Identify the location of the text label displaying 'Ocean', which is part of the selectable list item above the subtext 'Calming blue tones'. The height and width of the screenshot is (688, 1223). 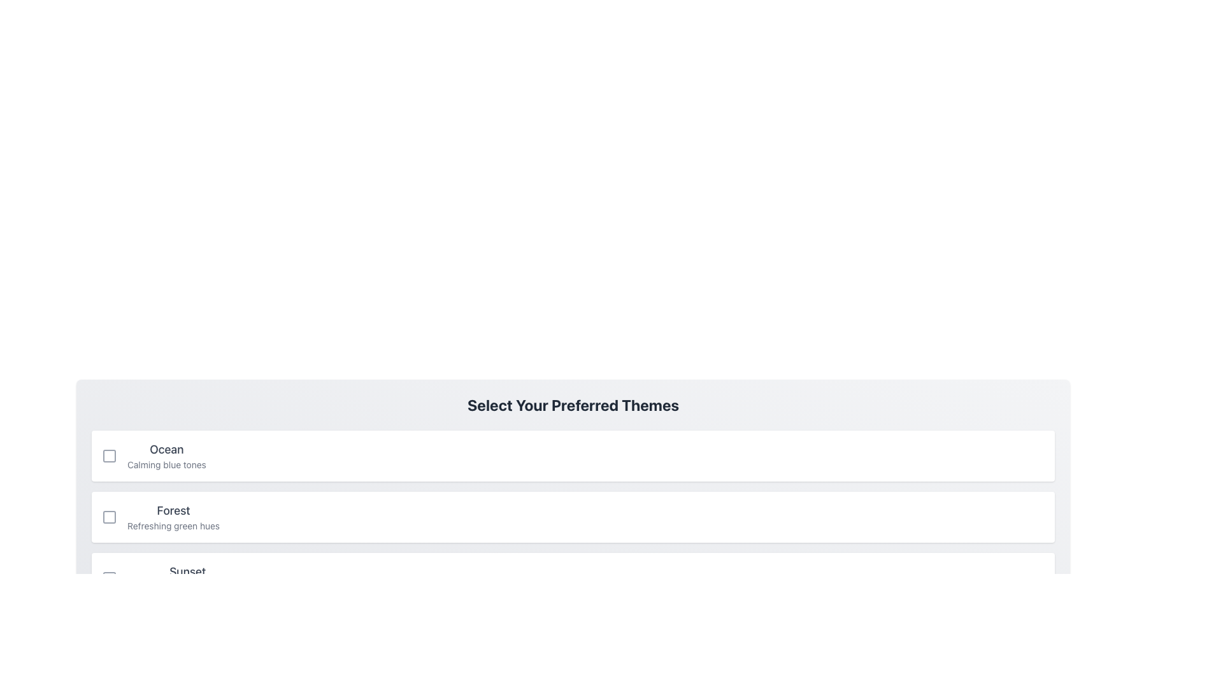
(166, 448).